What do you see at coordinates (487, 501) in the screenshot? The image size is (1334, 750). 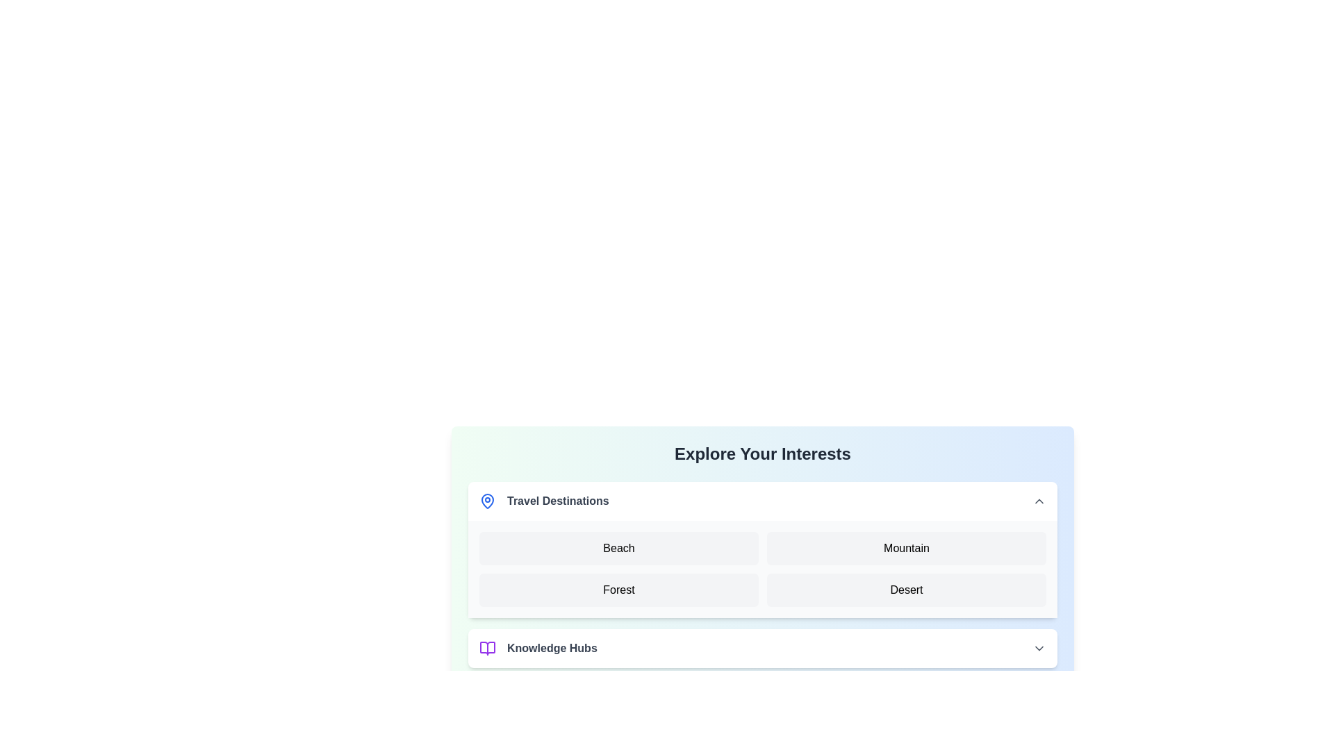 I see `the blue map pin icon located next to the text 'Travel Destinations'` at bounding box center [487, 501].